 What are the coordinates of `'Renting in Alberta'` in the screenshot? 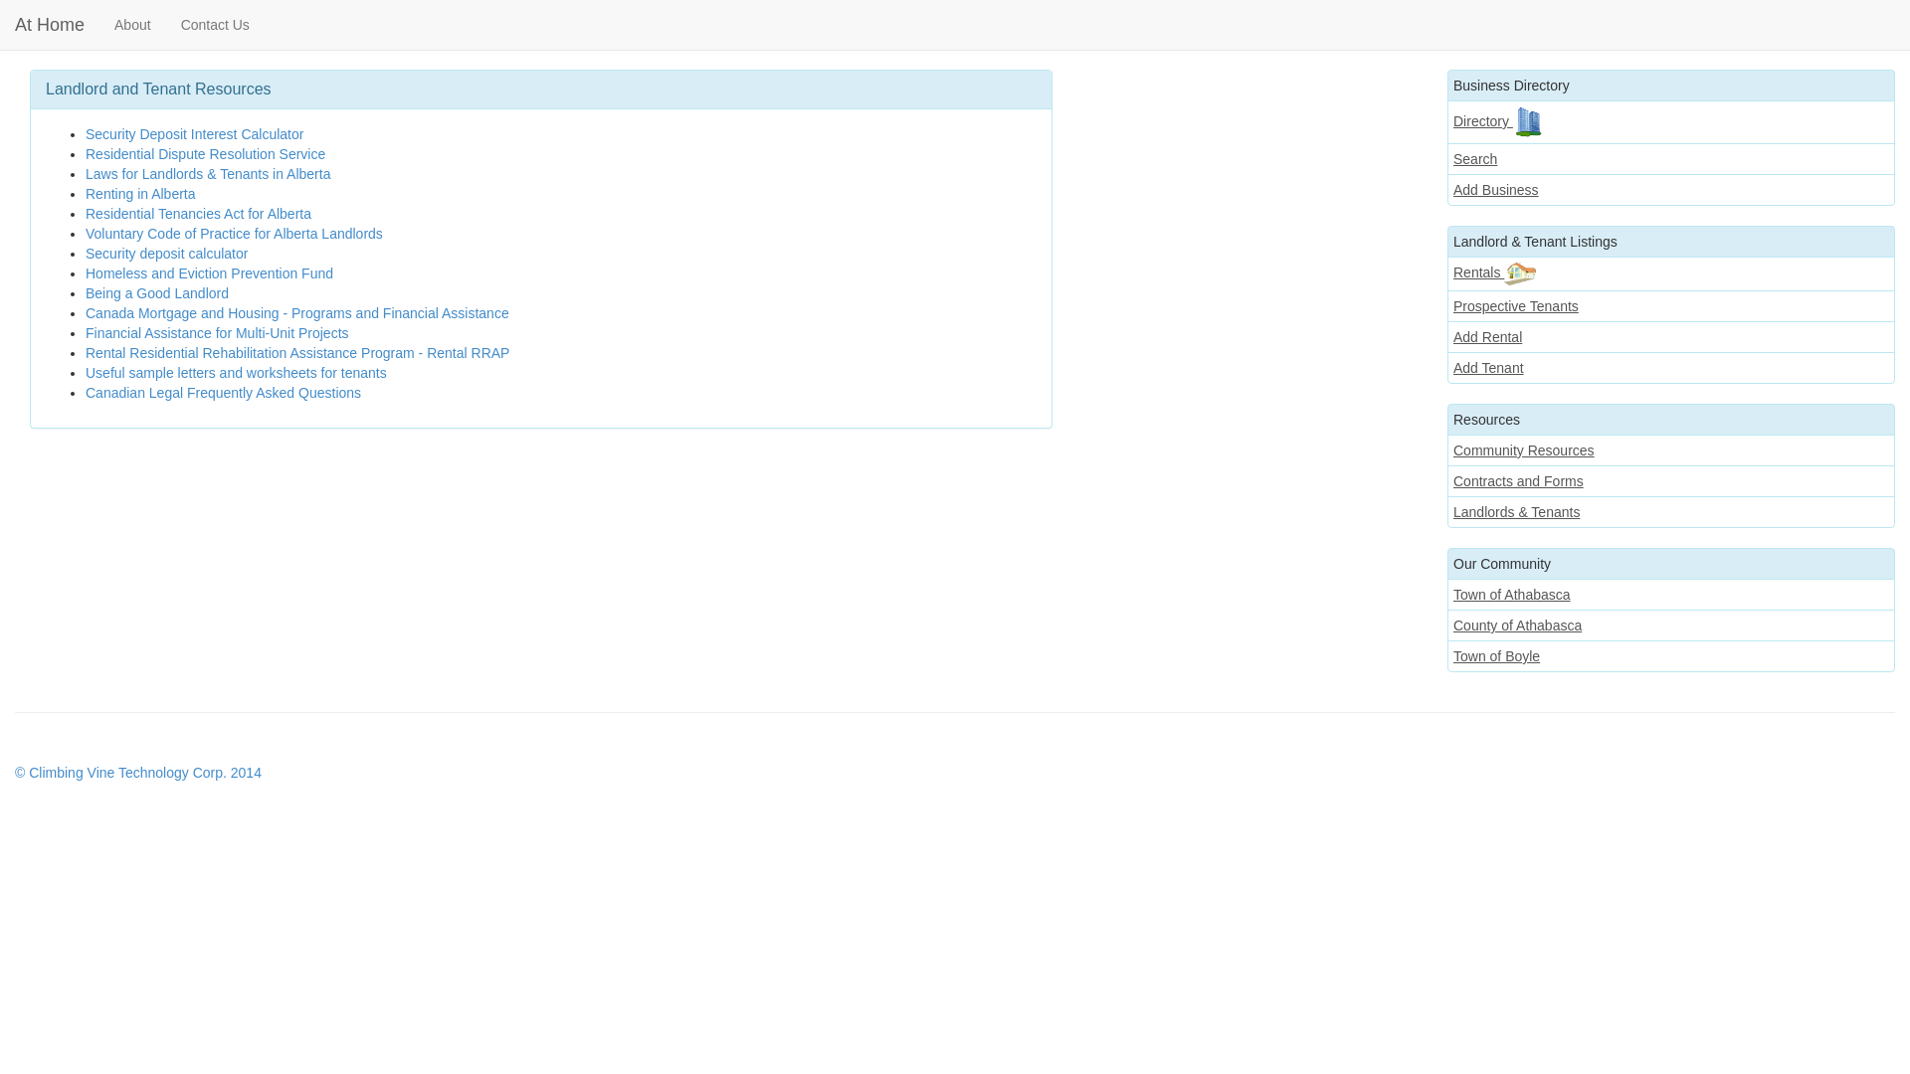 It's located at (139, 194).